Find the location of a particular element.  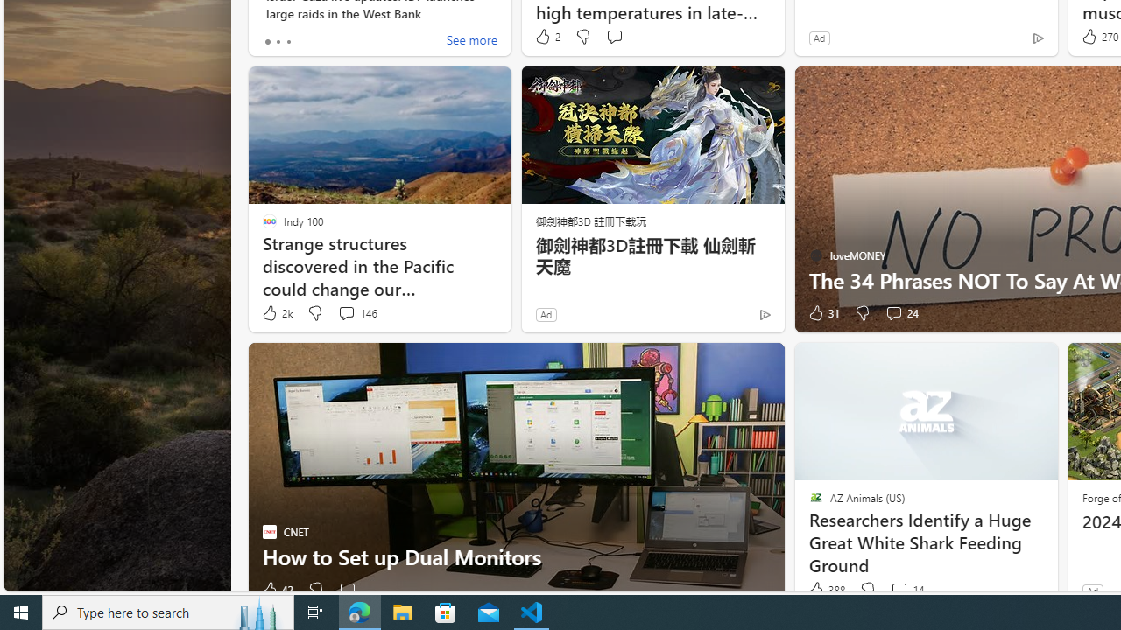

'388 Like' is located at coordinates (824, 590).